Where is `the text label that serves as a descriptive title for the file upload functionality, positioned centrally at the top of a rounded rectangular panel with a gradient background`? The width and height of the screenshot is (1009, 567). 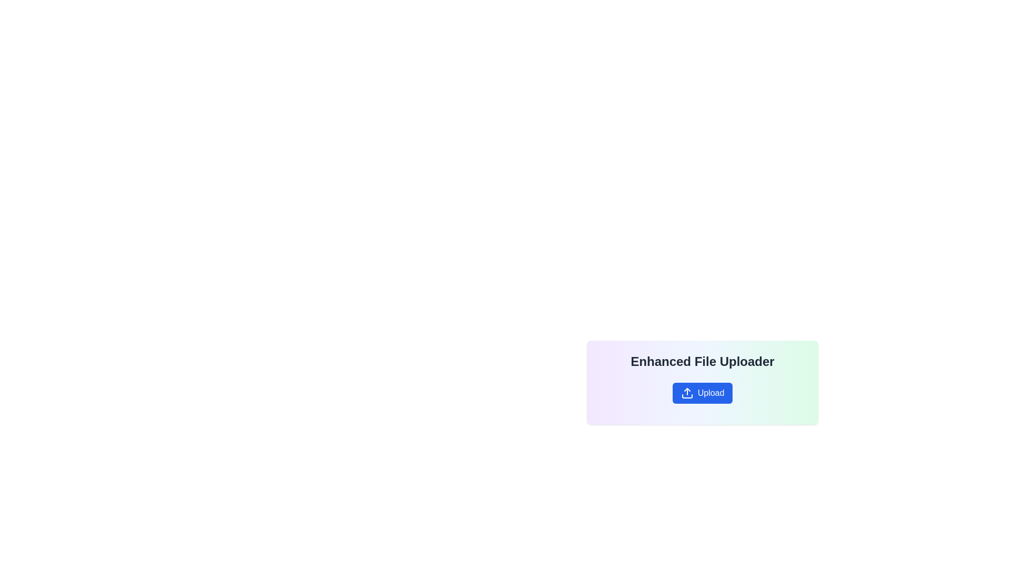 the text label that serves as a descriptive title for the file upload functionality, positioned centrally at the top of a rounded rectangular panel with a gradient background is located at coordinates (703, 361).